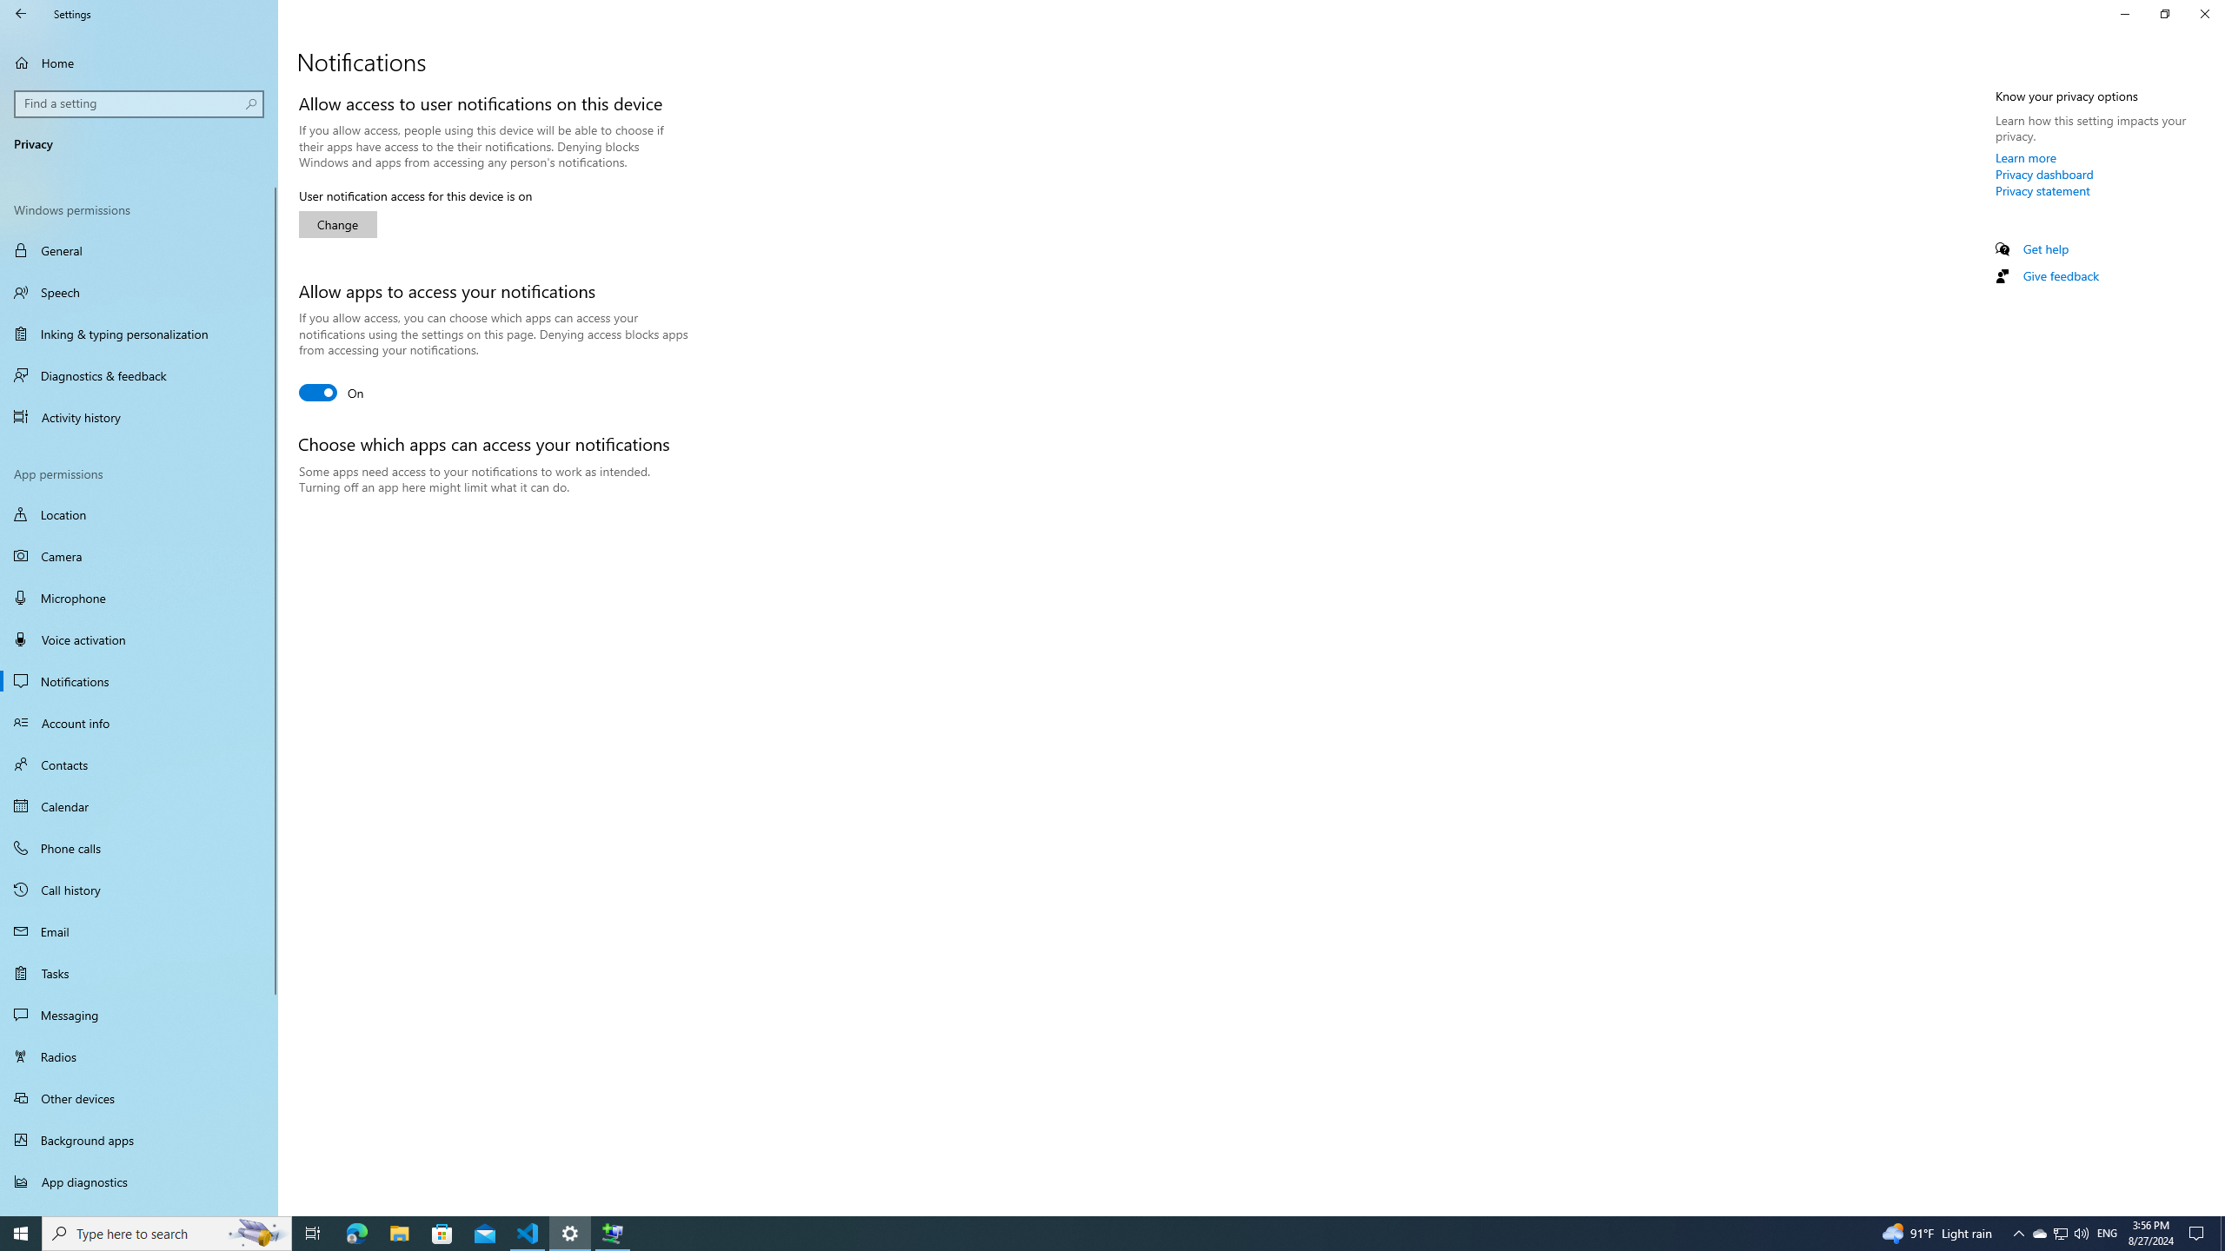 The image size is (2225, 1251). Describe the element at coordinates (138, 888) in the screenshot. I see `'Call history'` at that location.